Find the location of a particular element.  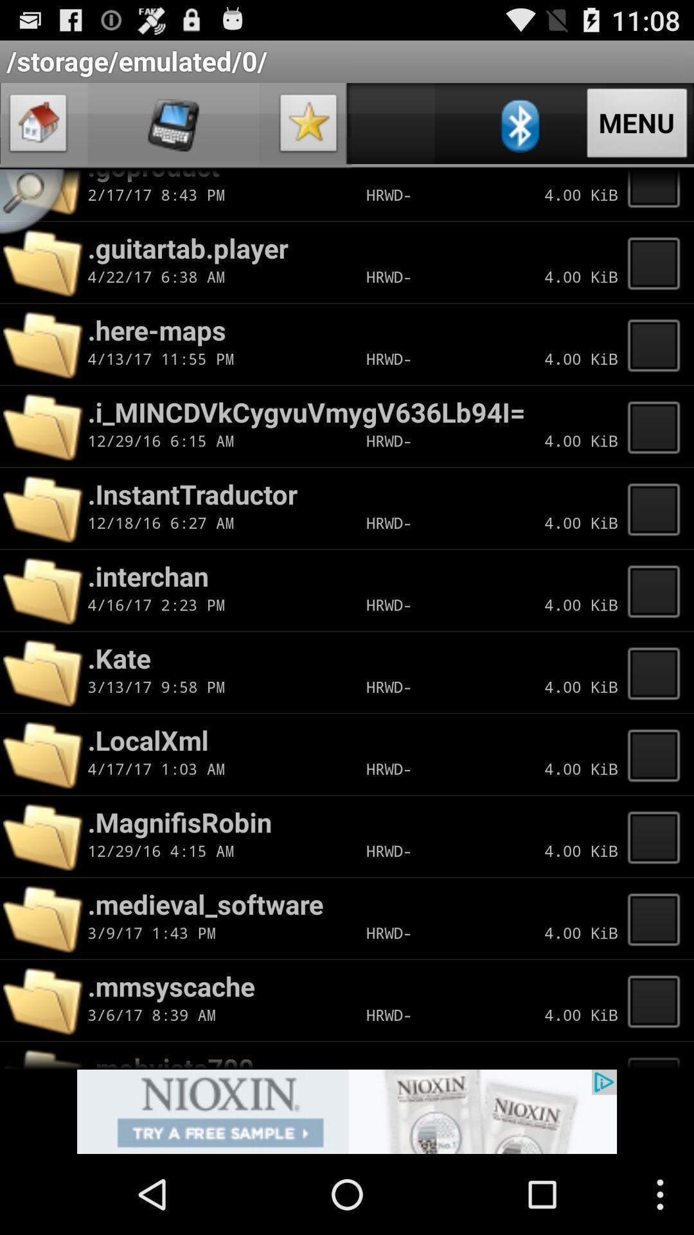

advertisement is located at coordinates (347, 1111).